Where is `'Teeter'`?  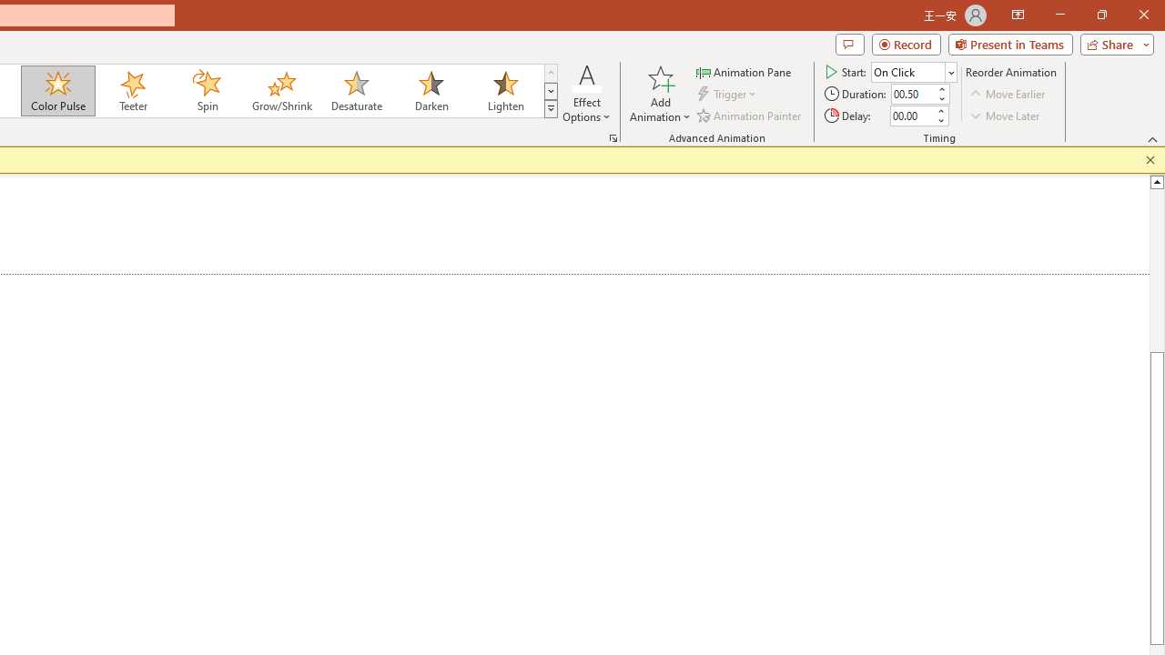 'Teeter' is located at coordinates (131, 91).